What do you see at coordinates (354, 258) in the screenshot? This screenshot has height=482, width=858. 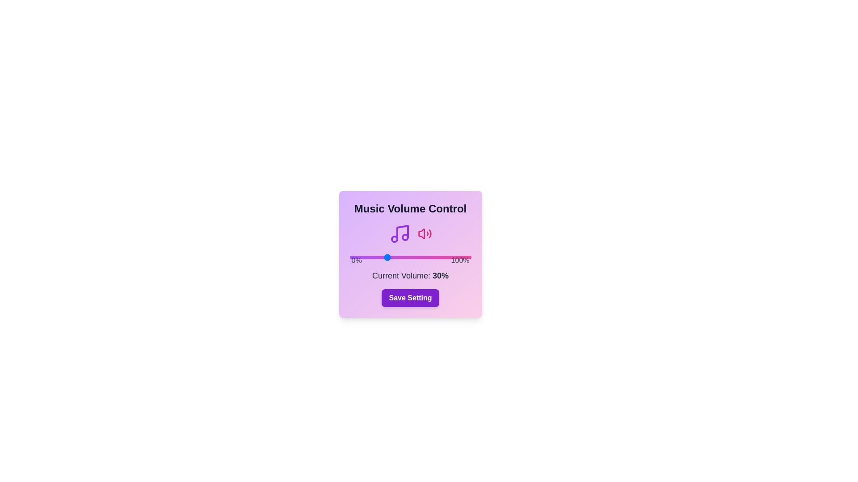 I see `the slider to set the volume to 4%` at bounding box center [354, 258].